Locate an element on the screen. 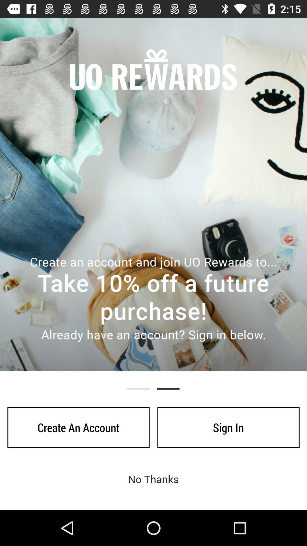 This screenshot has height=546, width=307. item above no thanks is located at coordinates (78, 427).